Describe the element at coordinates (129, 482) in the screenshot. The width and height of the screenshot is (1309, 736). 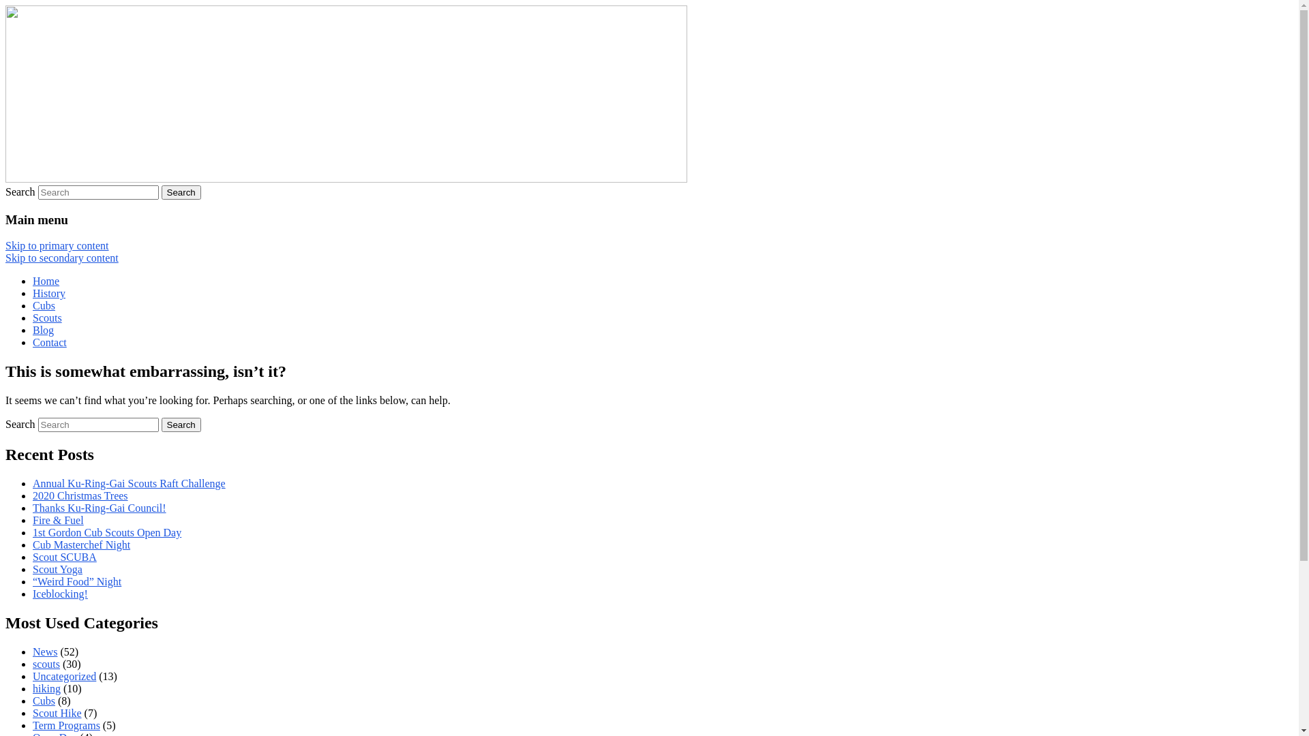
I see `'Annual Ku-Ring-Gai Scouts Raft Challenge'` at that location.